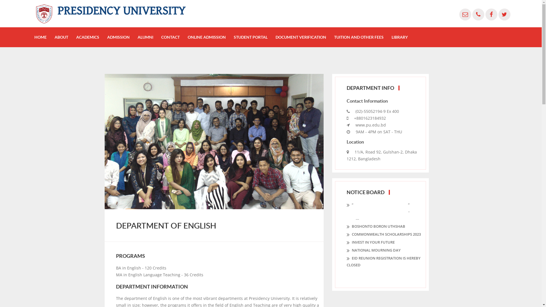 The image size is (546, 307). I want to click on 'ACADEMICS', so click(87, 37).